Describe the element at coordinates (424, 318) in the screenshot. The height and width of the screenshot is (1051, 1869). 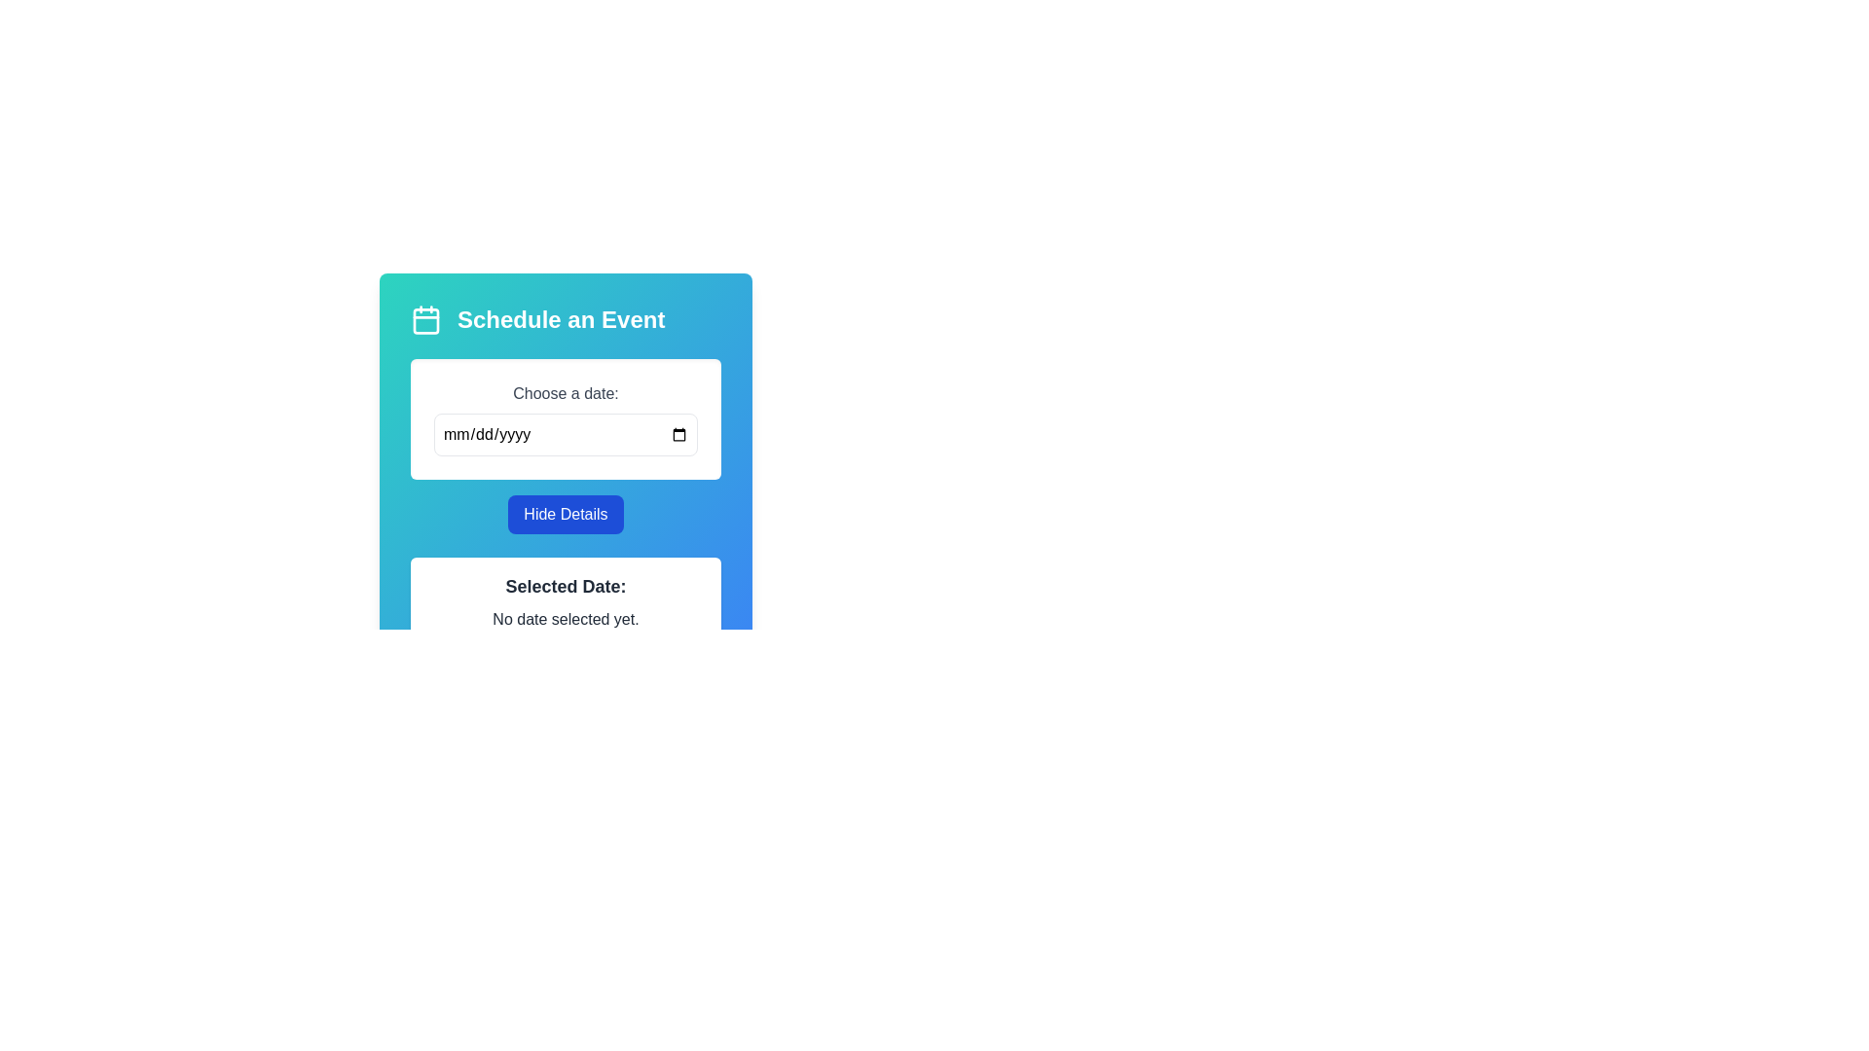
I see `the calendar icon located to the left of the 'Schedule an Event' text, which indicates the scheduling feature` at that location.